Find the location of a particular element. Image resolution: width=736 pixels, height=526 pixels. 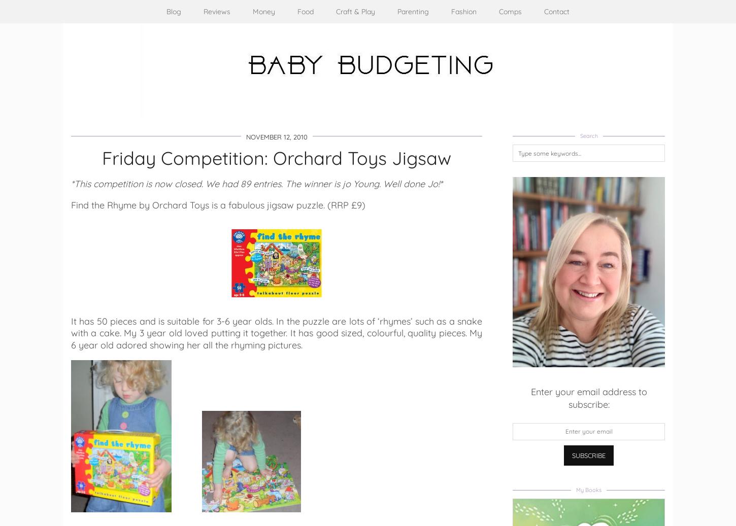

'Blog' is located at coordinates (174, 11).